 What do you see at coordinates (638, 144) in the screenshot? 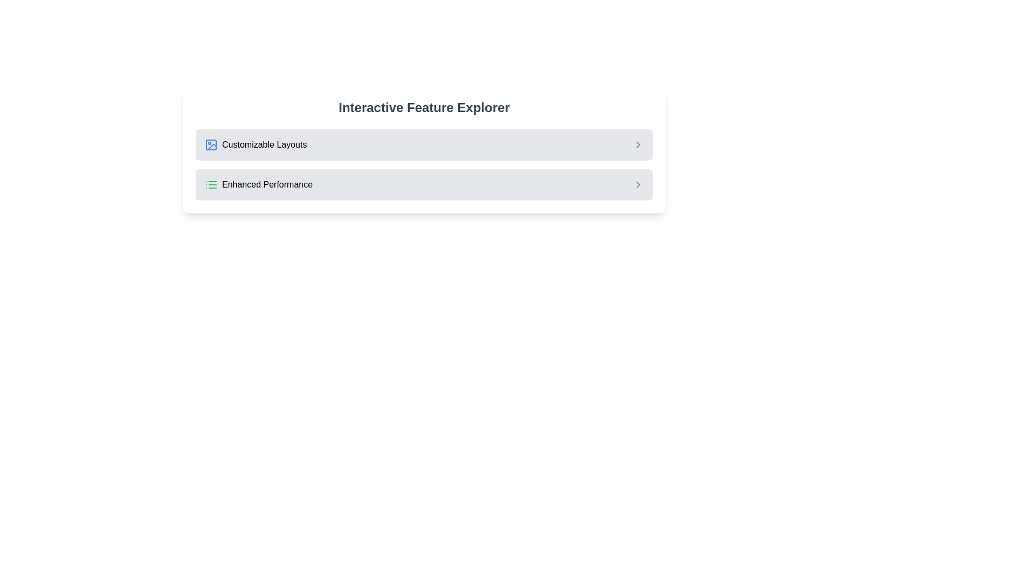
I see `the Chevron-style arrow icon on the right side of the 'Customizable Layouts' menu item for interaction feedback` at bounding box center [638, 144].